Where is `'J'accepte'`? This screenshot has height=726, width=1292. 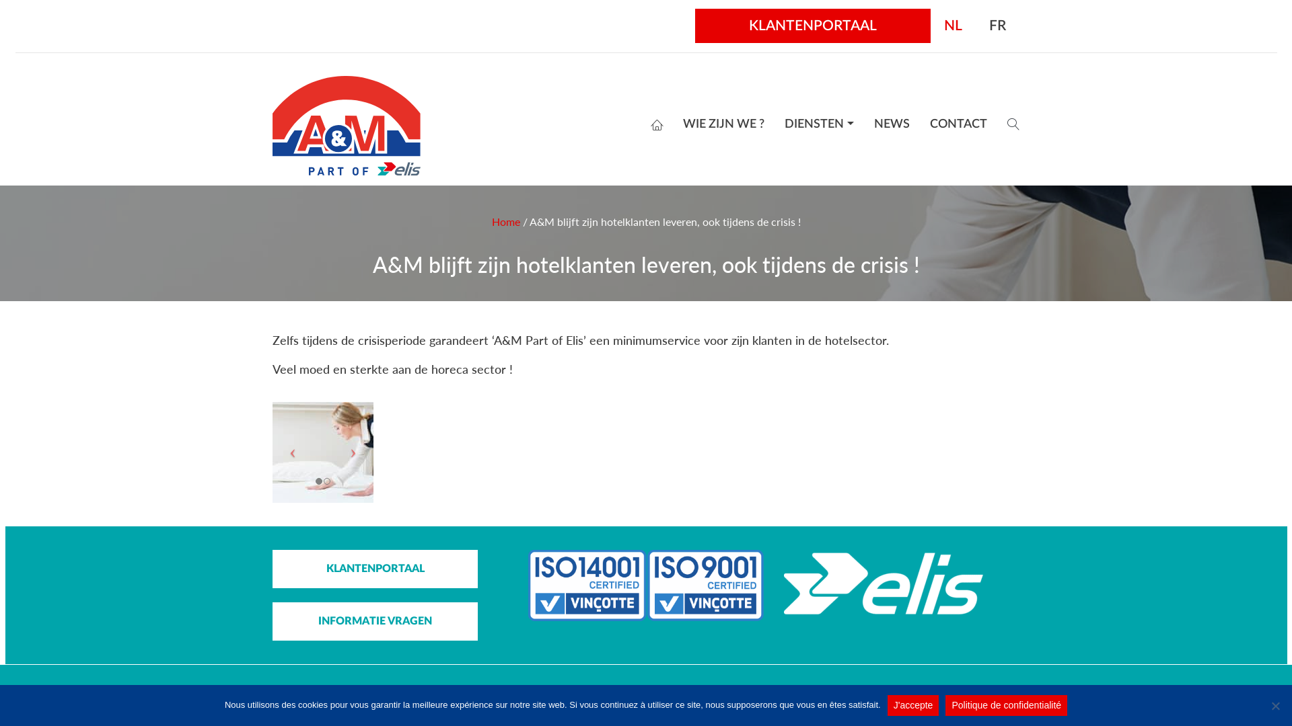 'J'accepte' is located at coordinates (913, 704).